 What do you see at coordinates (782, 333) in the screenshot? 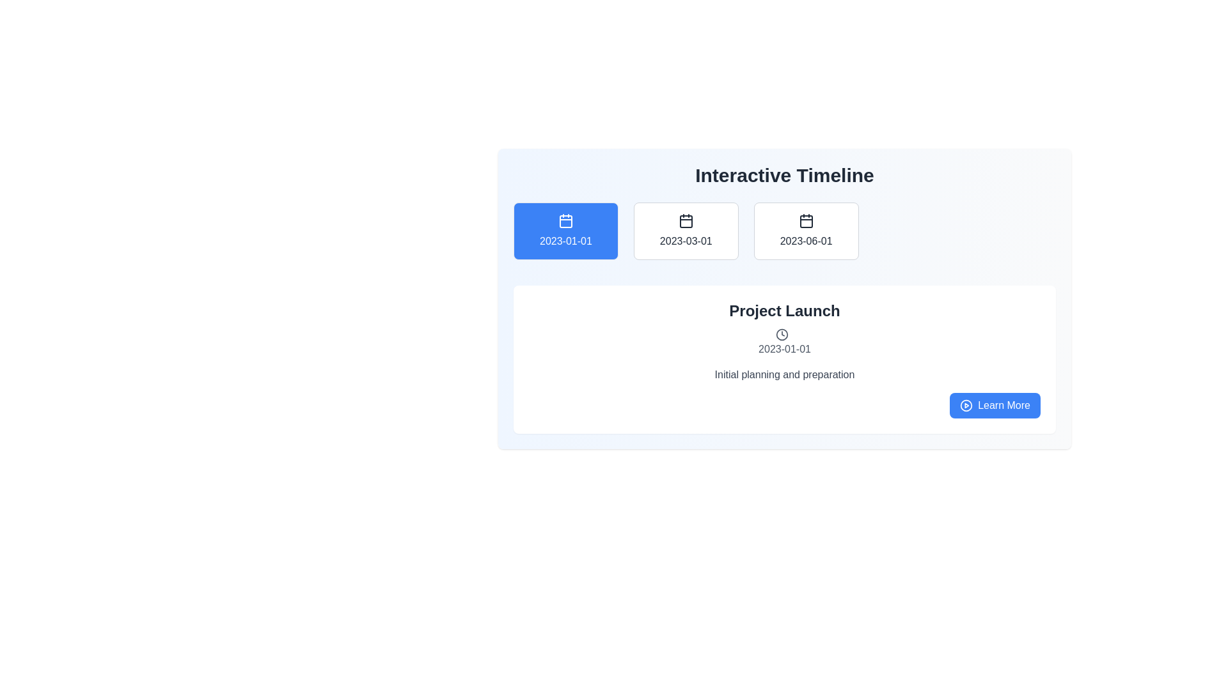
I see `clock icon located below the 'Project Launch' heading and above the date text '2023-01-01'` at bounding box center [782, 333].